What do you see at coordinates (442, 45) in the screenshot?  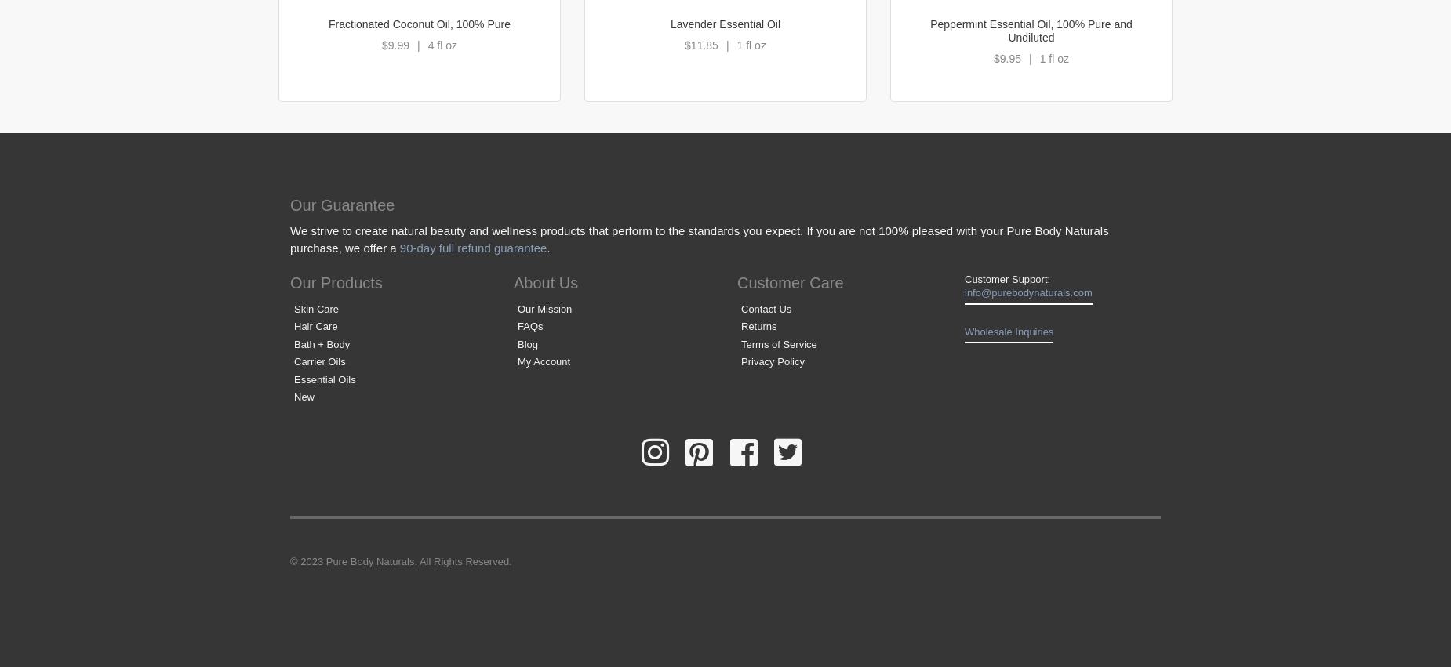 I see `'4 fl oz'` at bounding box center [442, 45].